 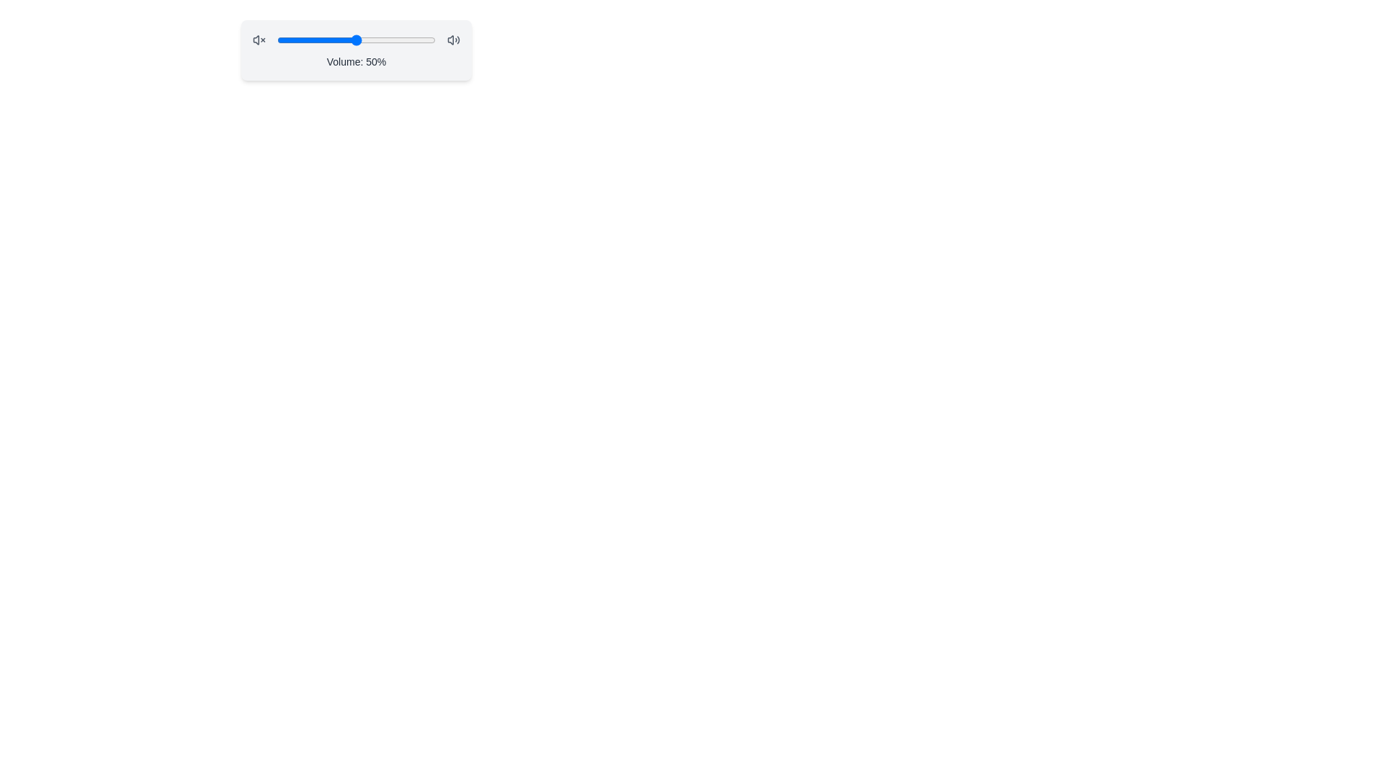 What do you see at coordinates (259, 40) in the screenshot?
I see `the unmute icon to toggle the mute state` at bounding box center [259, 40].